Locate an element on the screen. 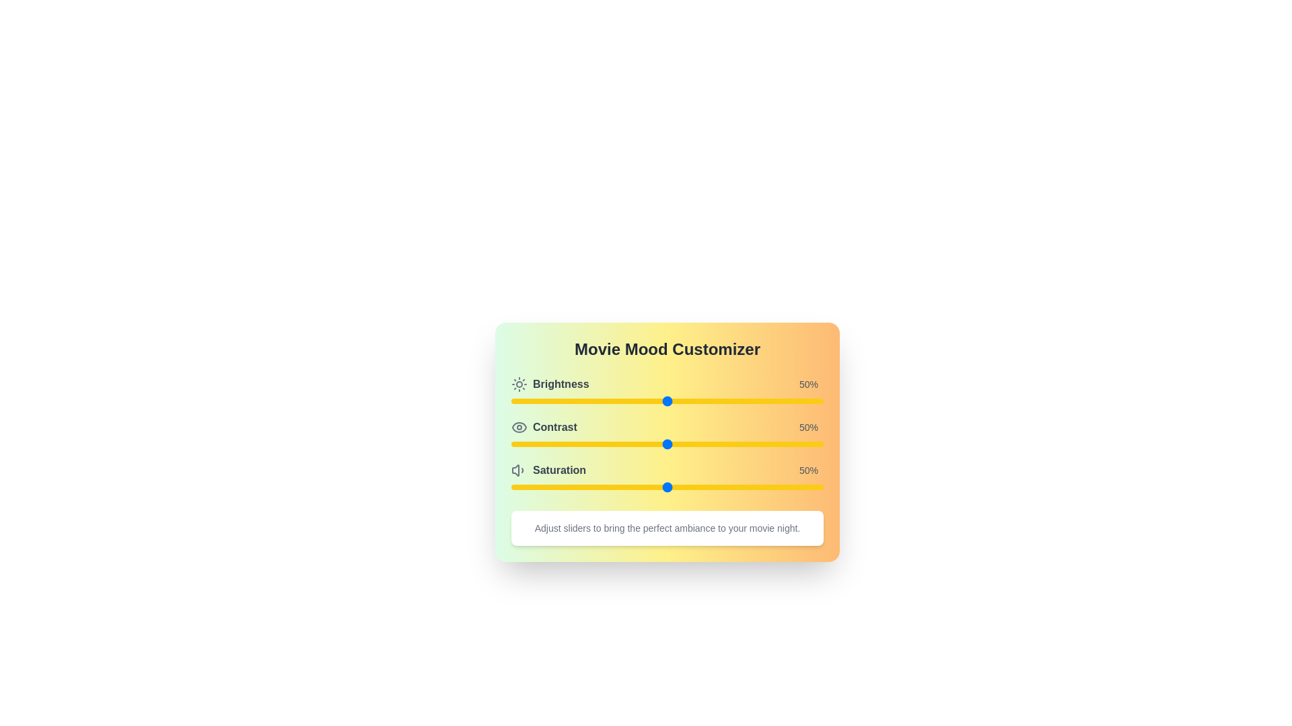  brightness is located at coordinates (723, 401).